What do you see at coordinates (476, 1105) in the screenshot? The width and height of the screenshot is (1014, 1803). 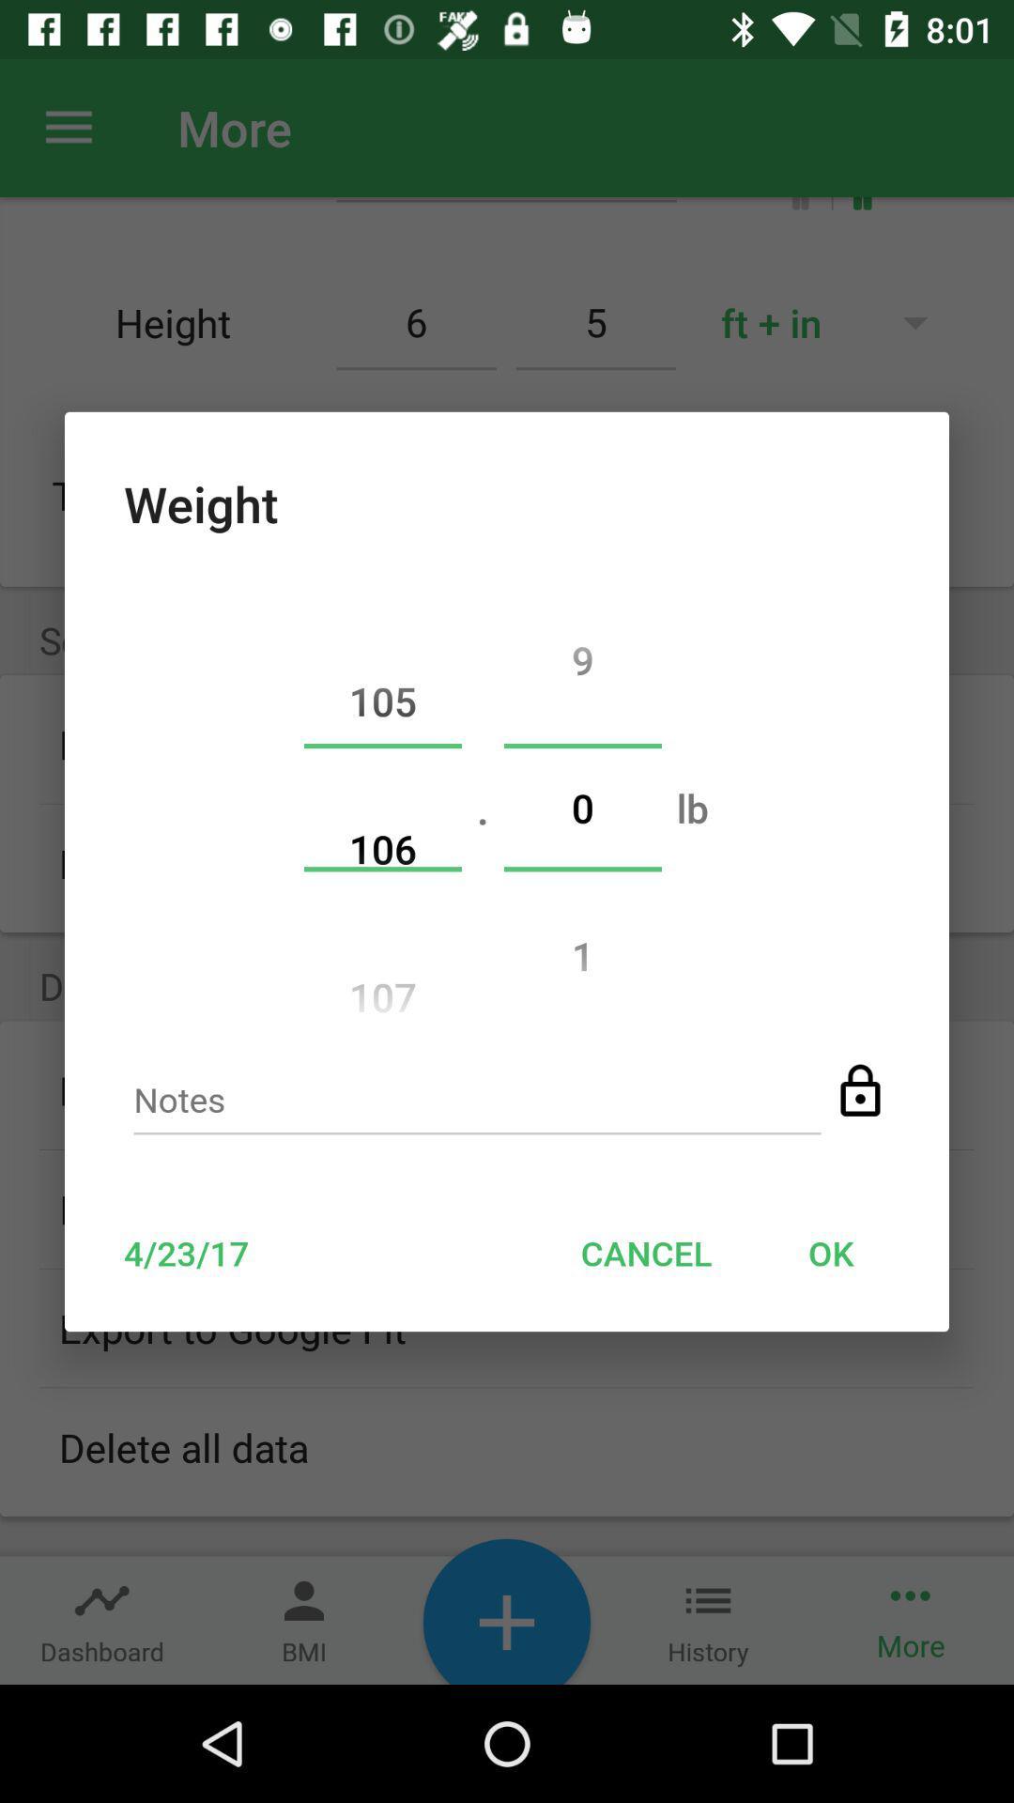 I see `input notes` at bounding box center [476, 1105].